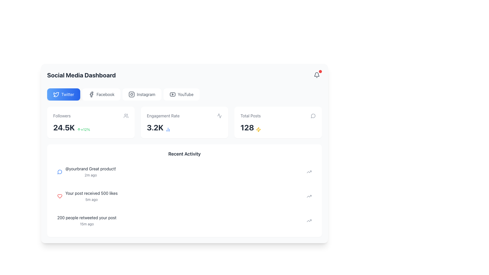 The width and height of the screenshot is (489, 275). I want to click on text block displaying the message 'Your post received 500 likes' and the timestamp '5m ago' located in the 'Recent Activity' section, which is the second item in the vertical list, so click(91, 196).